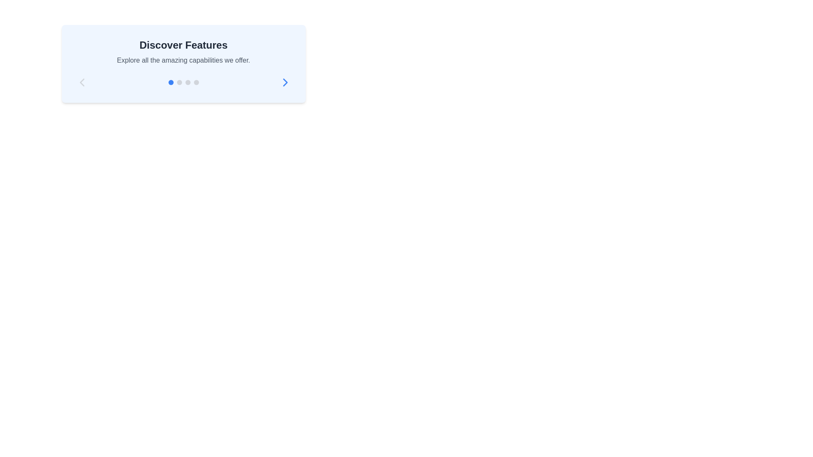  Describe the element at coordinates (183, 45) in the screenshot. I see `the bold, large text element that says 'Discover Features', which is centrally positioned above the text 'Explore all the amazing capabilities we offer'` at that location.